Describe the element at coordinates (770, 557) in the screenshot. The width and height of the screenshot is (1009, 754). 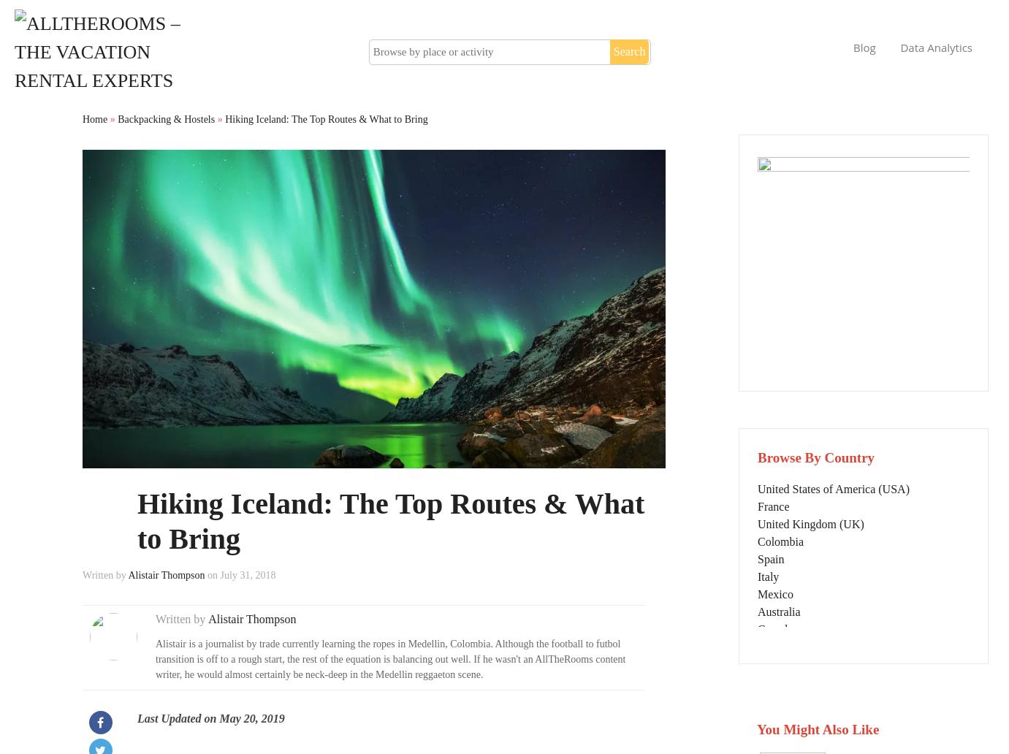
I see `'Spain'` at that location.